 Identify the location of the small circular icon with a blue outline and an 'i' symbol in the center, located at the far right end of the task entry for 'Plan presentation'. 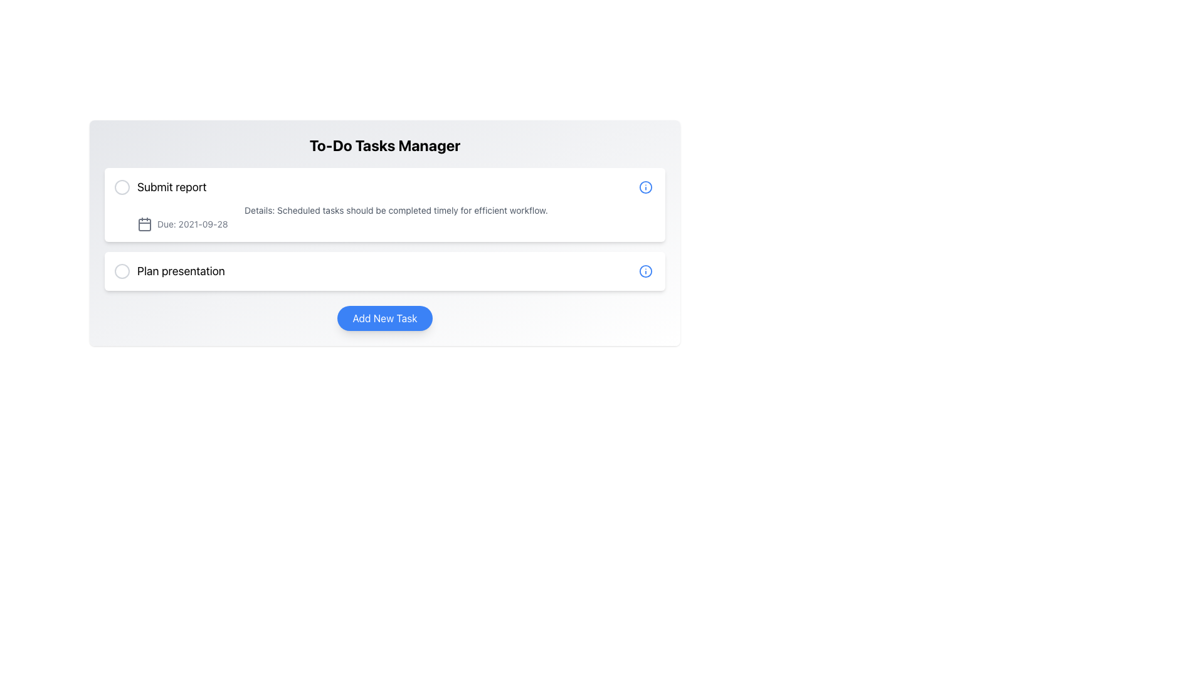
(646, 270).